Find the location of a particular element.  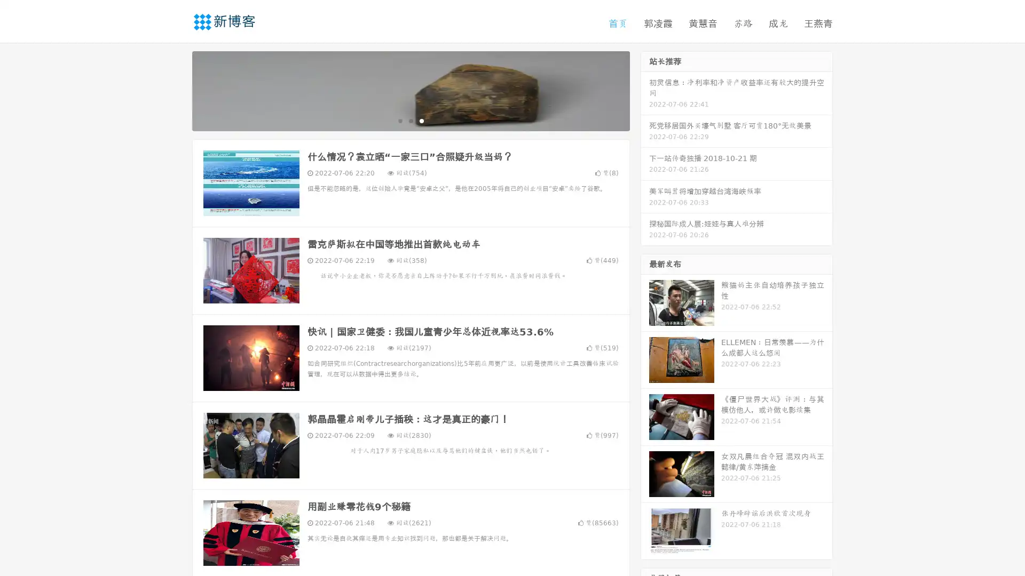

Go to slide 3 is located at coordinates (421, 120).